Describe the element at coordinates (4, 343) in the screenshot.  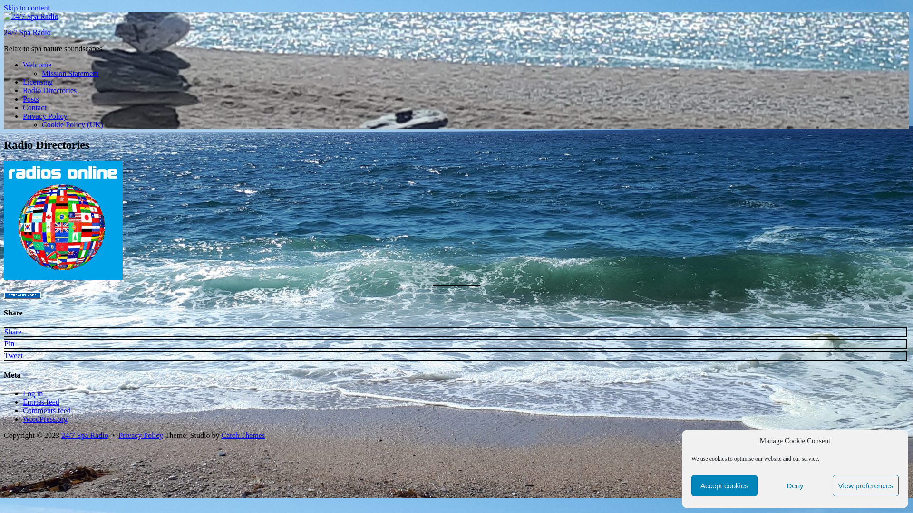
I see `'Pin'` at that location.